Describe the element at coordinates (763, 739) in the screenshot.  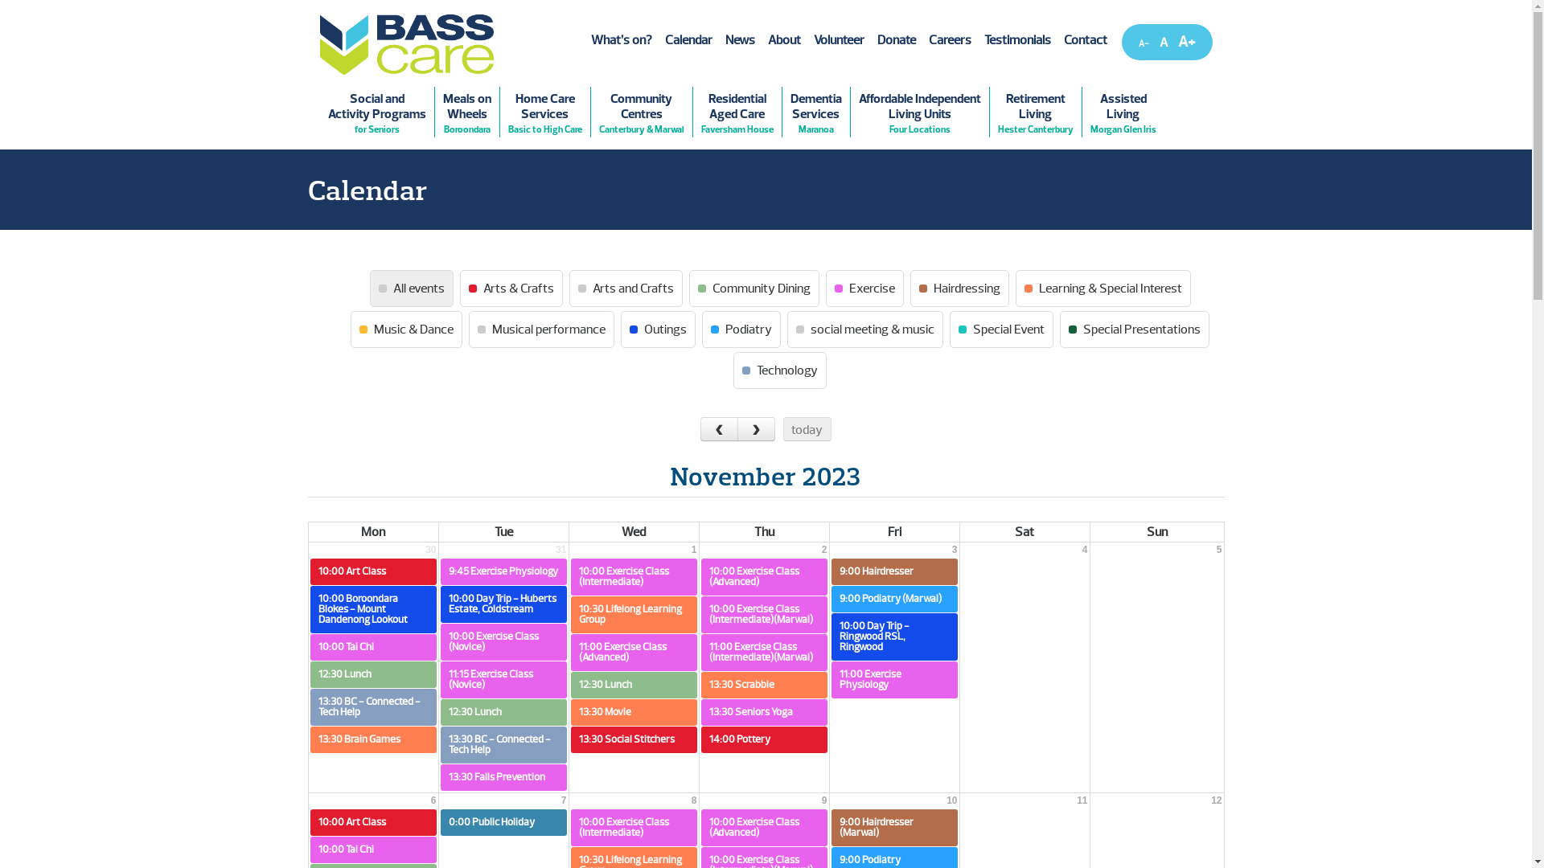
I see `'14:00 Pottery` at that location.